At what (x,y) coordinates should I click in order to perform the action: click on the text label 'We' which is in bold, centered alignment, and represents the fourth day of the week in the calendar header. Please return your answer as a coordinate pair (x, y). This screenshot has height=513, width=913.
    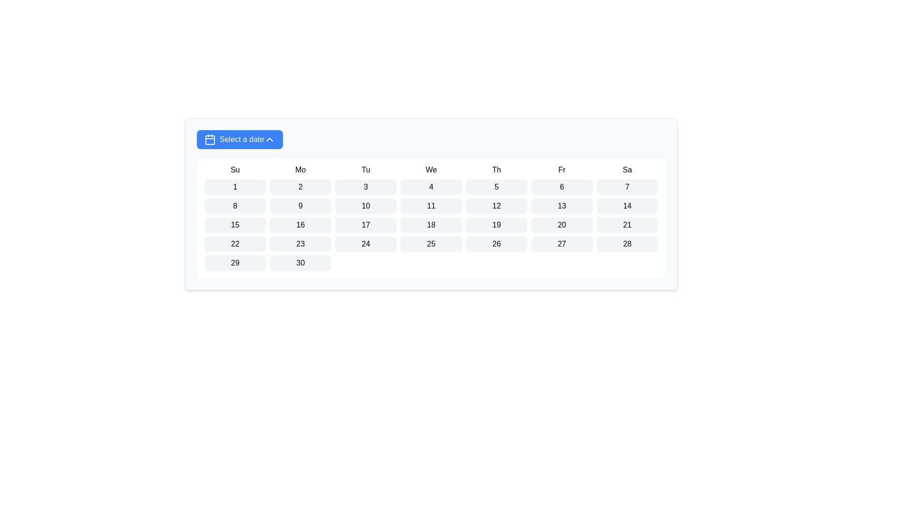
    Looking at the image, I should click on (431, 170).